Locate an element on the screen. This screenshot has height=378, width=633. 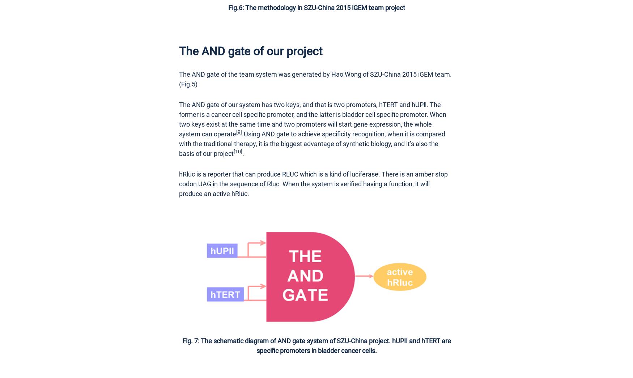
'.Using AND gate to achieve specificity recognition, when it is compared with the traditional therapy, it is the biggest advantage of synthetic biology, and it’s also the basis of our project' is located at coordinates (179, 143).